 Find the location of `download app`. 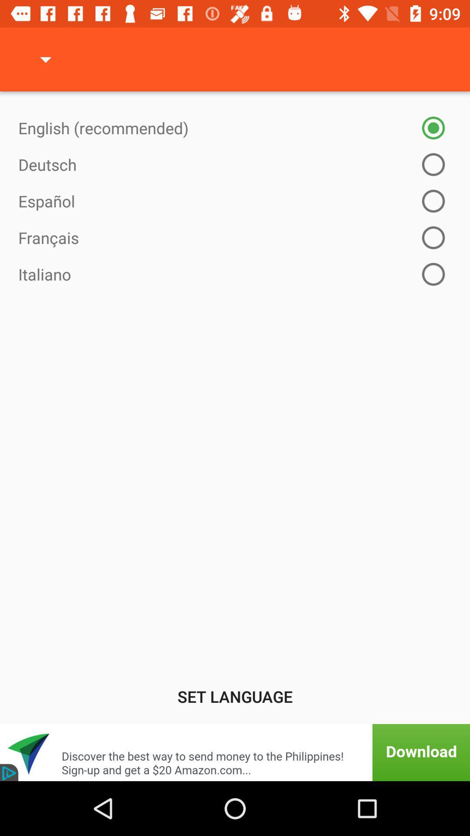

download app is located at coordinates (235, 752).